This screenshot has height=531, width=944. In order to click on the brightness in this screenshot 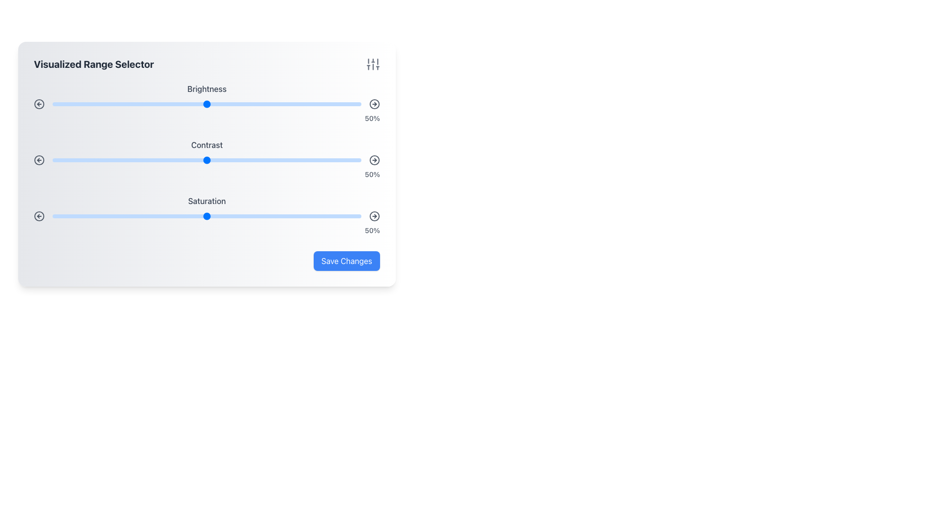, I will do `click(318, 104)`.